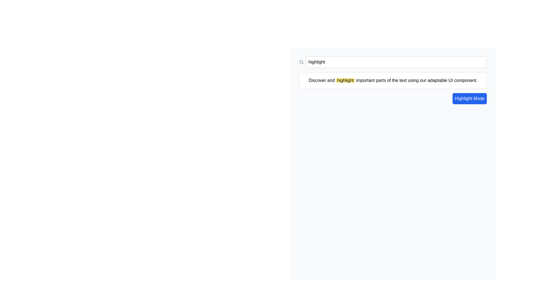 The width and height of the screenshot is (536, 301). Describe the element at coordinates (322, 80) in the screenshot. I see `the text element reading 'Discover and', which is positioned near the top-center of the interface as the first of three contiguous text nodes` at that location.